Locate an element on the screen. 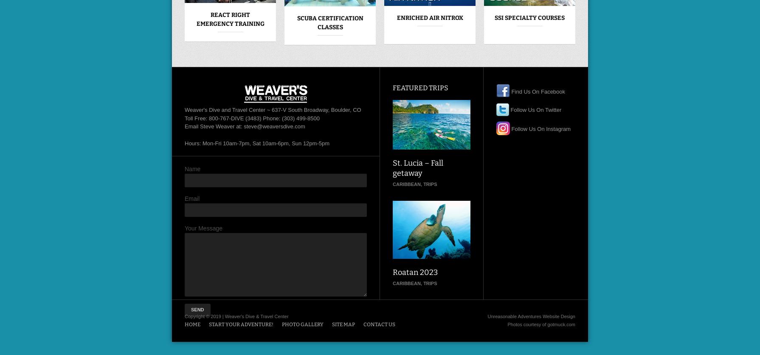  'Divemaster' is located at coordinates (629, 18).